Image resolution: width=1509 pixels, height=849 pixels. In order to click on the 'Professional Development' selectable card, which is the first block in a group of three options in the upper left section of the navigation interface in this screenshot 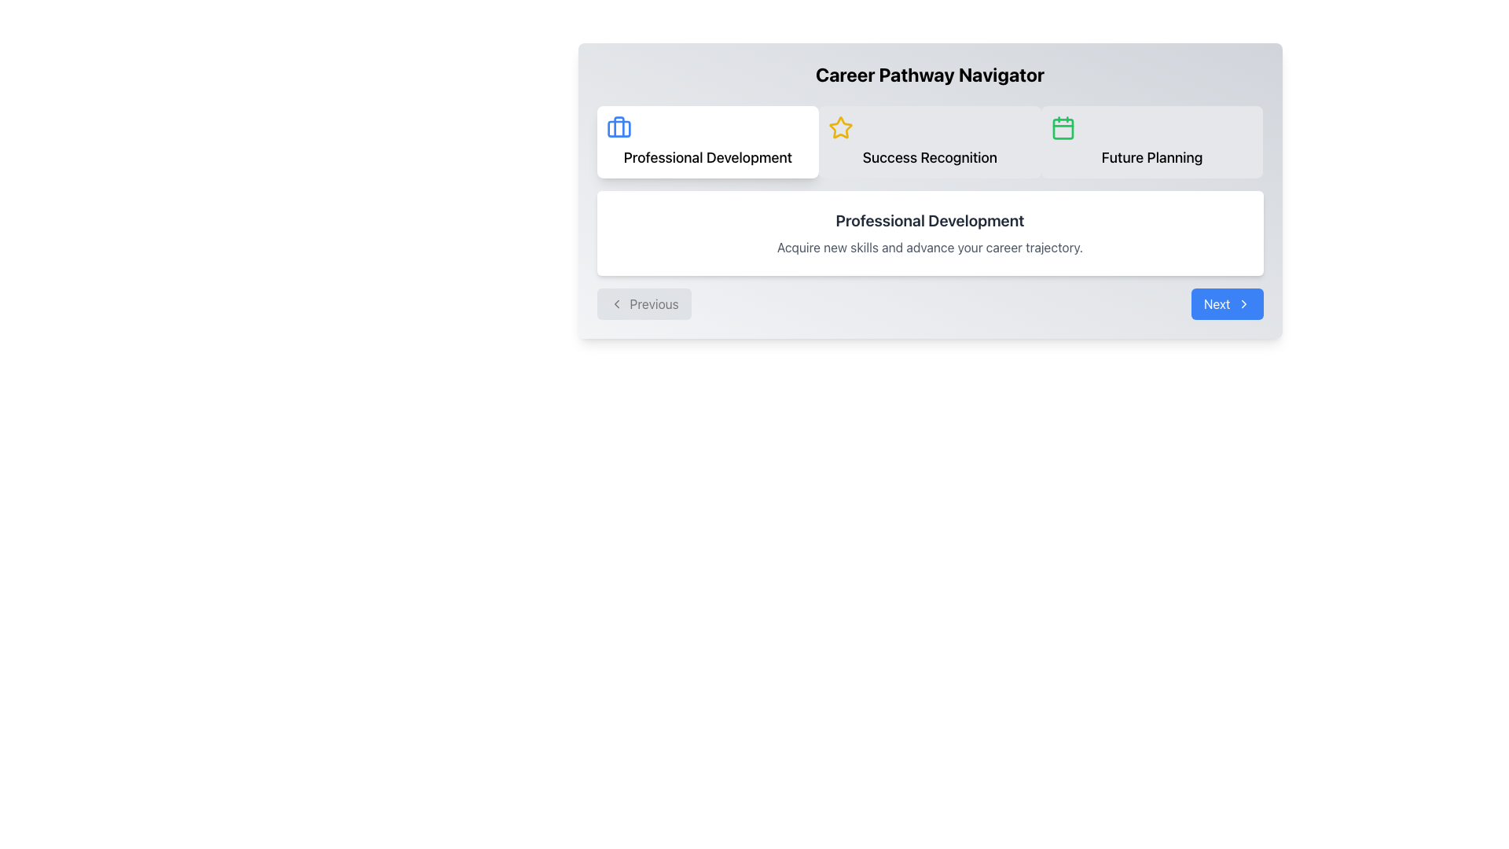, I will do `click(707, 142)`.